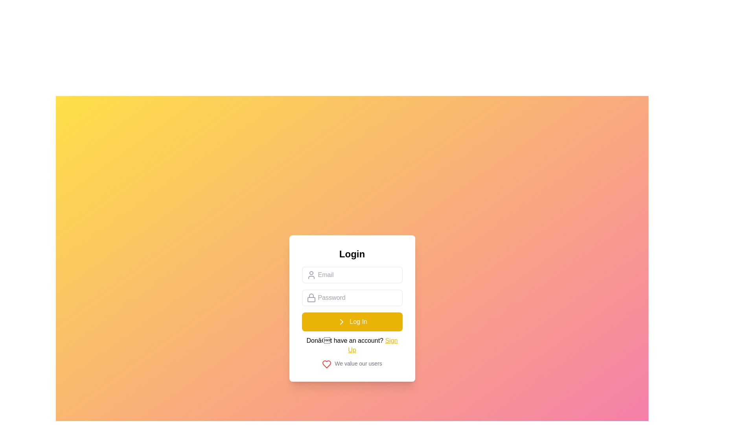 The height and width of the screenshot is (425, 755). Describe the element at coordinates (372, 345) in the screenshot. I see `the 'Sign Up' hyperlink text, which is styled with a yellow font color and underlined, located below the 'Log In' button in the login form interface` at that location.